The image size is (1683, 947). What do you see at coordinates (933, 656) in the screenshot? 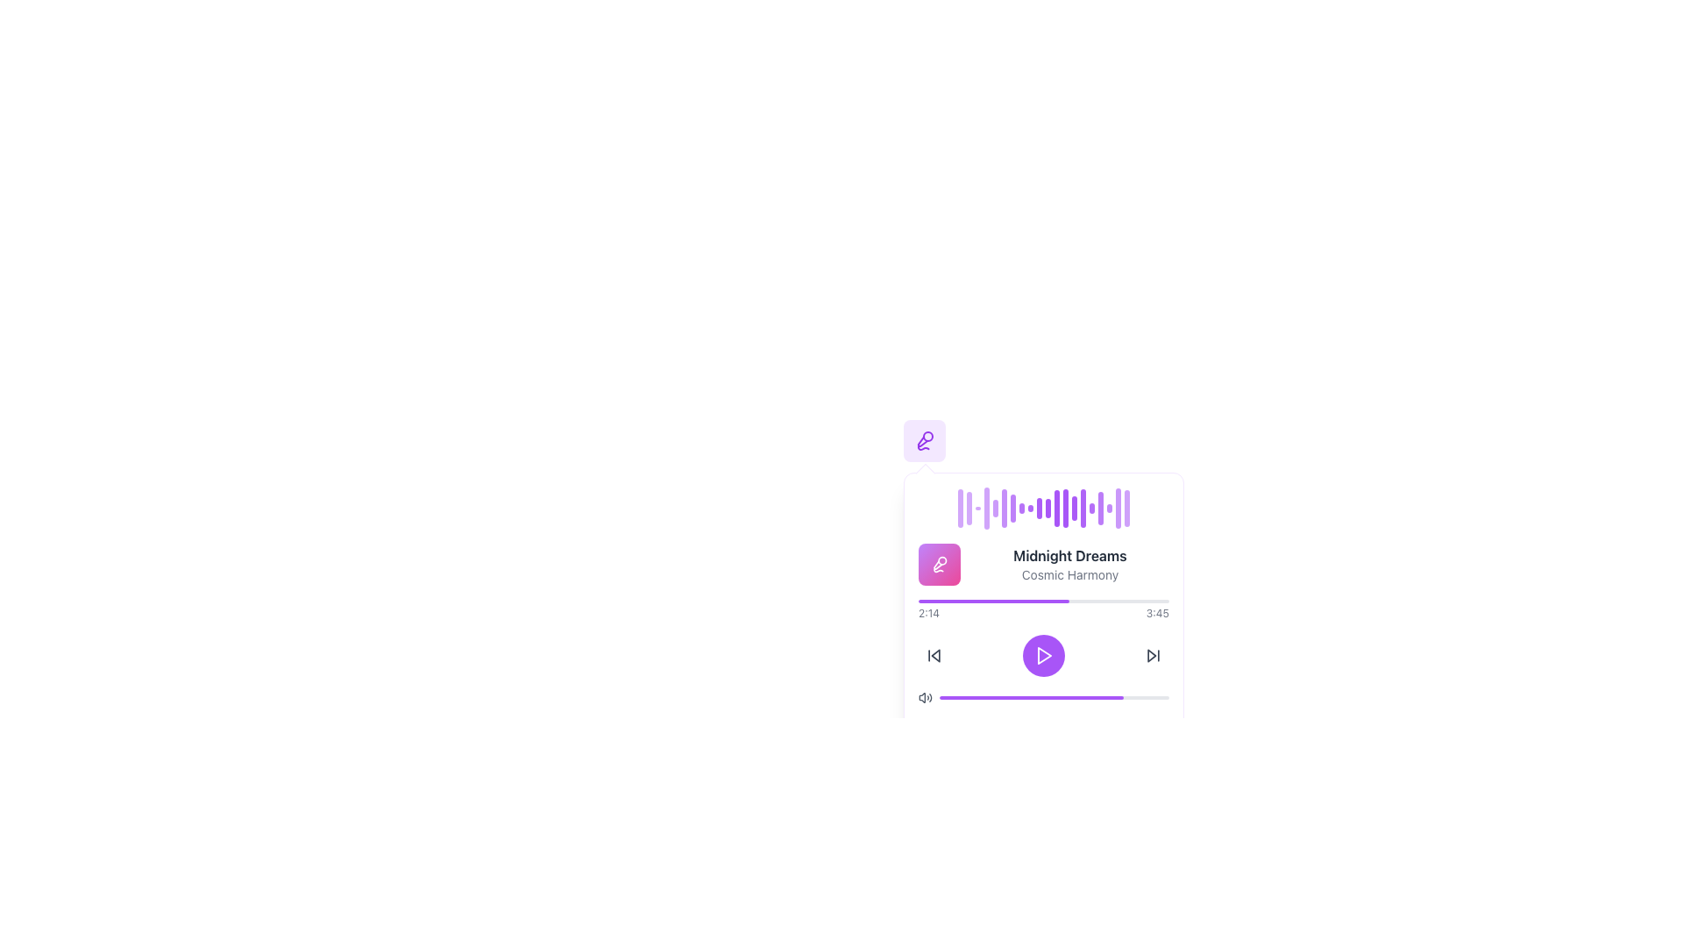
I see `the skip backward button located on the left side of the playback control section, immediately to the left of the larger play button` at bounding box center [933, 656].